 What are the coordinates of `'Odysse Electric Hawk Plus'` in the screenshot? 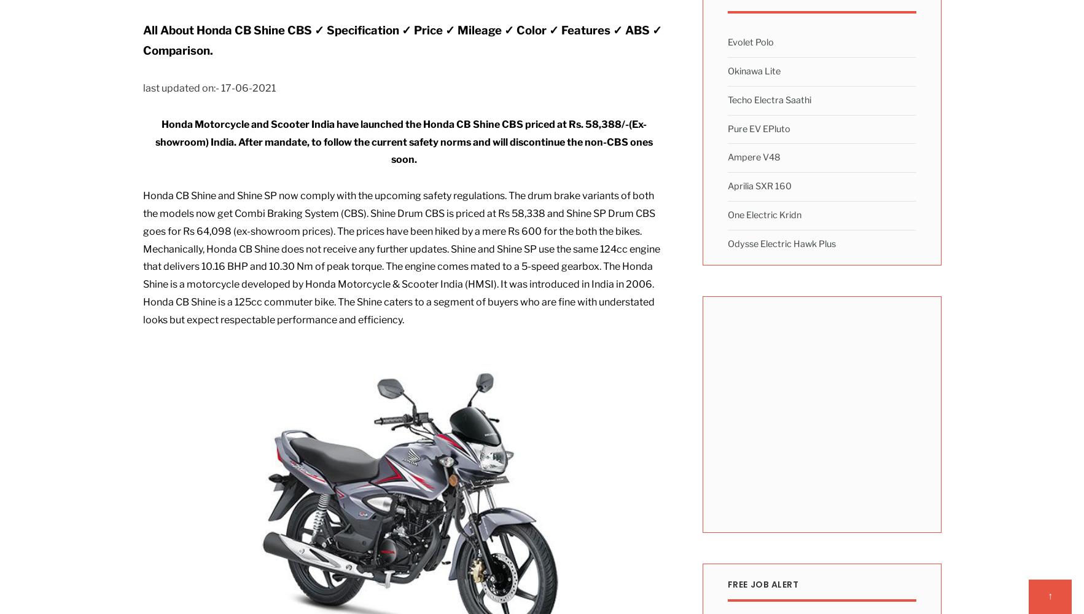 It's located at (781, 243).